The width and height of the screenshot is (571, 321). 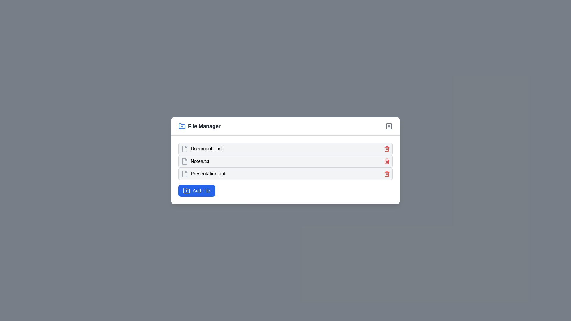 I want to click on the file name displayed in the file entries list within the 'File Manager' modal, so click(x=285, y=169).